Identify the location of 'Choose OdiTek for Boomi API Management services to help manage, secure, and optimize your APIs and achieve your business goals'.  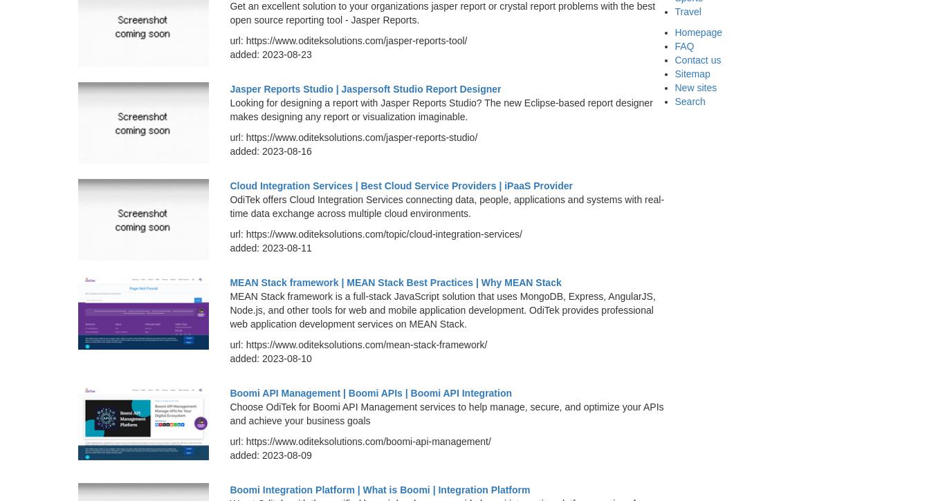
(446, 413).